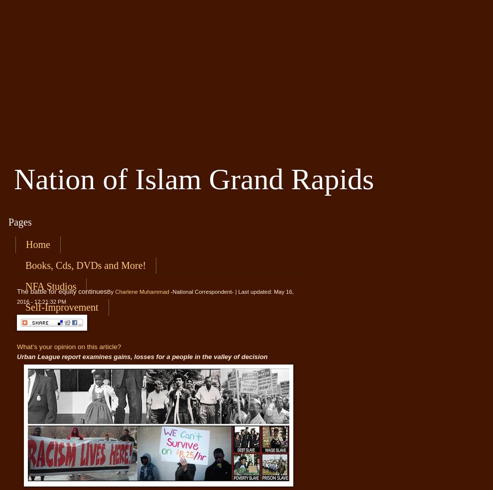  Describe the element at coordinates (68, 346) in the screenshot. I see `'What's your opinion on this article?'` at that location.